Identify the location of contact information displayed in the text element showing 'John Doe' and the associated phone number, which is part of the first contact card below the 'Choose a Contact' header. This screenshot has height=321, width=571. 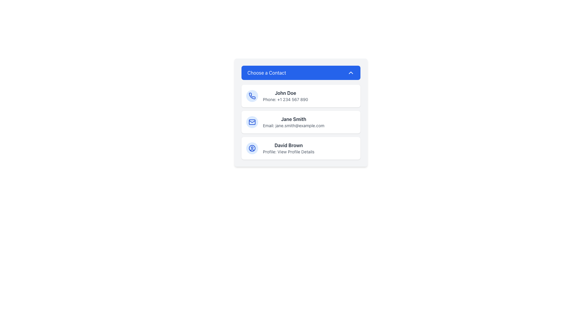
(285, 96).